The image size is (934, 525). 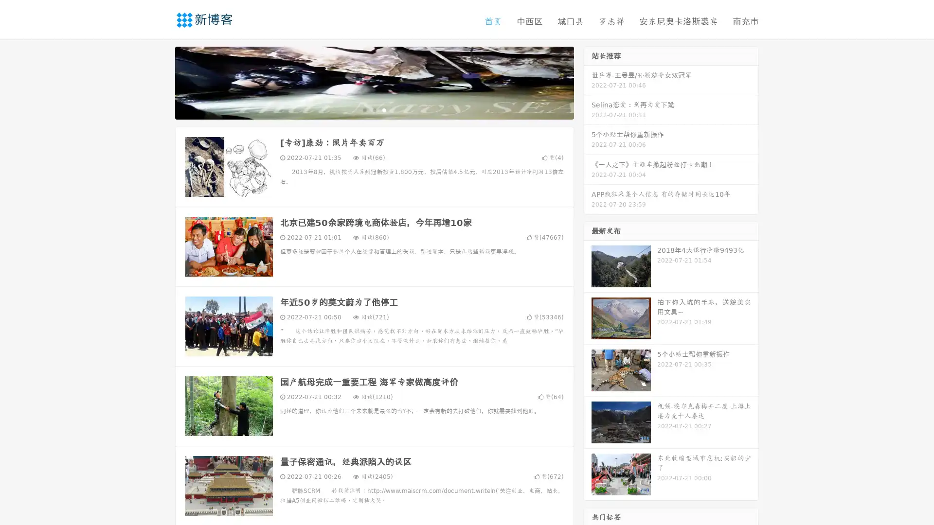 I want to click on Go to slide 1, so click(x=364, y=109).